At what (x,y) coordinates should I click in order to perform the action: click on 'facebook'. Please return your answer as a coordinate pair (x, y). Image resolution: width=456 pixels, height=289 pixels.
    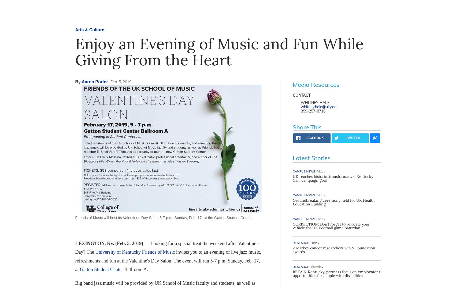
    Looking at the image, I should click on (314, 138).